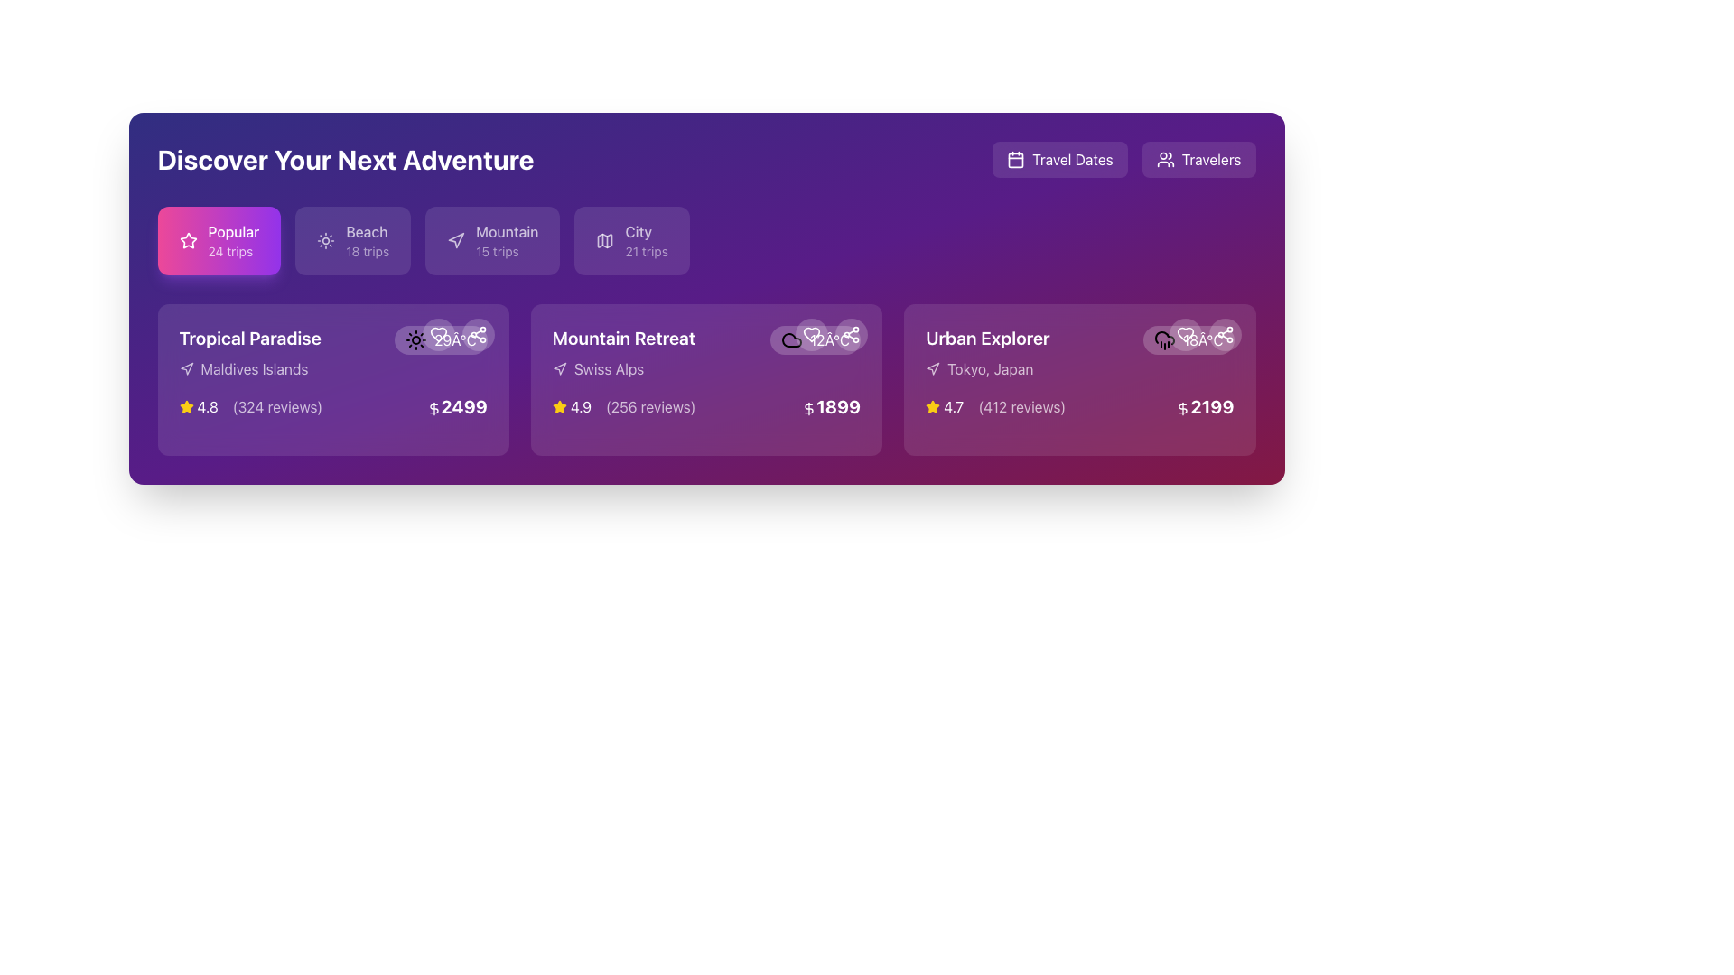  I want to click on the 'Beach' button, which prominently displays the text 'Beach' in bold with an icon of a sun, to filter the list of trips, so click(353, 239).